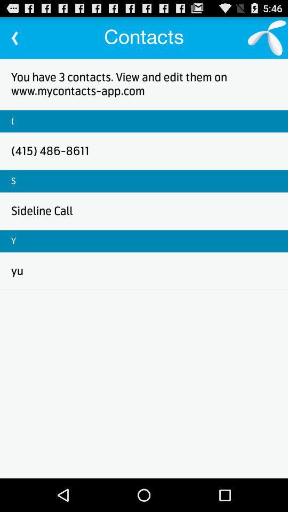 Image resolution: width=288 pixels, height=512 pixels. Describe the element at coordinates (13, 241) in the screenshot. I see `the item above the yu item` at that location.